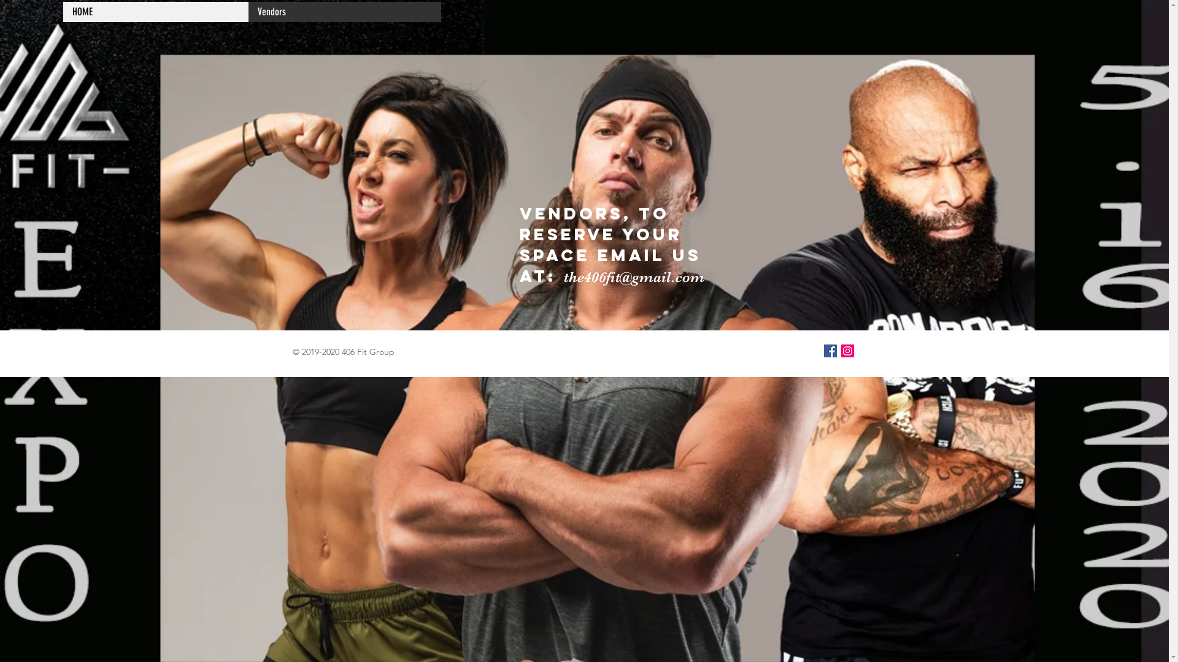 The width and height of the screenshot is (1178, 662). Describe the element at coordinates (562, 276) in the screenshot. I see `'the406fit@gmail.com'` at that location.